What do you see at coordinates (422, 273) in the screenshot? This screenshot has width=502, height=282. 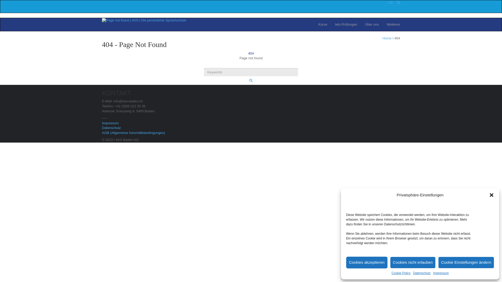 I see `'Datenschutz'` at bounding box center [422, 273].